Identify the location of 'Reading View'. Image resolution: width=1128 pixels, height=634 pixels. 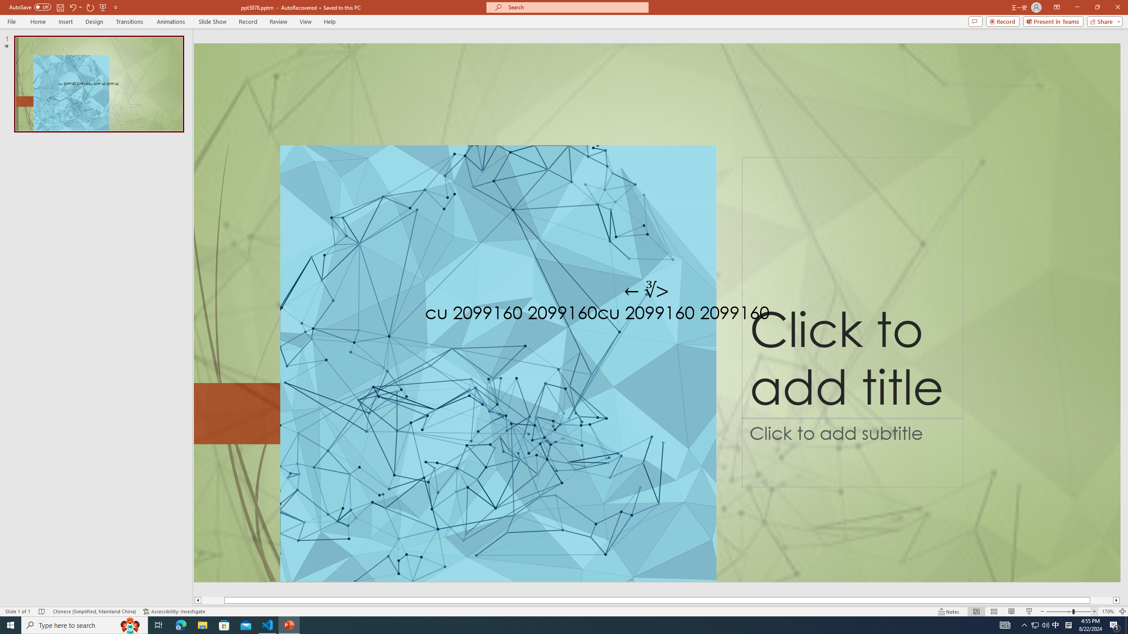
(1011, 612).